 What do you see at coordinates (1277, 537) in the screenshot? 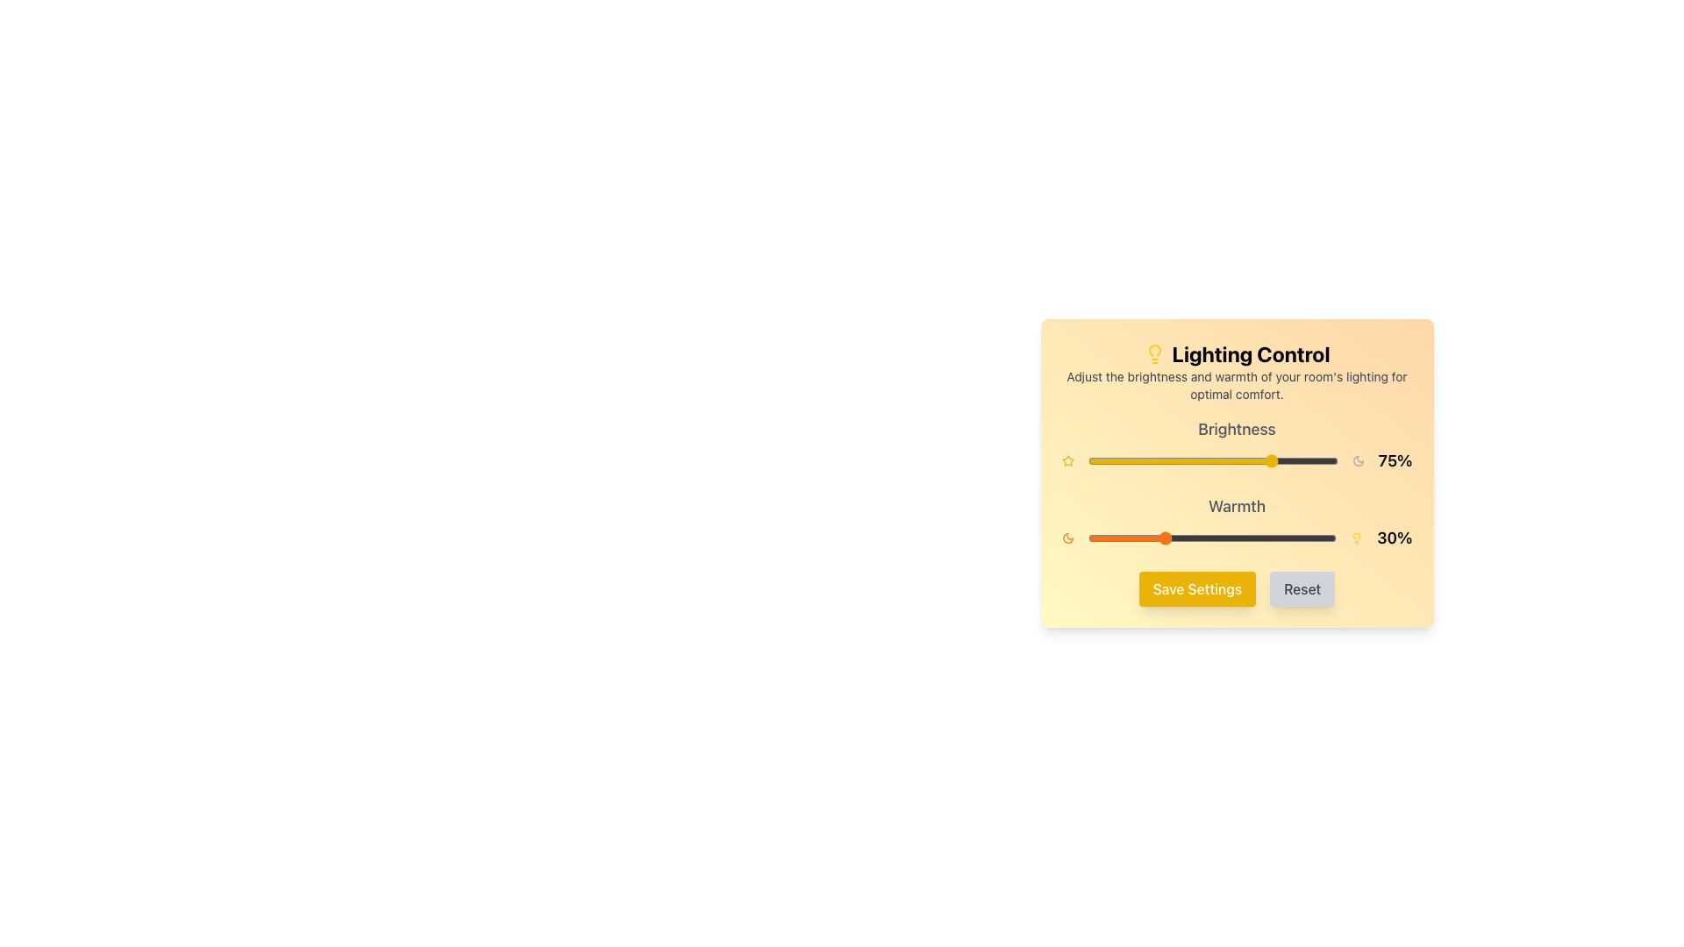
I see `warmth` at bounding box center [1277, 537].